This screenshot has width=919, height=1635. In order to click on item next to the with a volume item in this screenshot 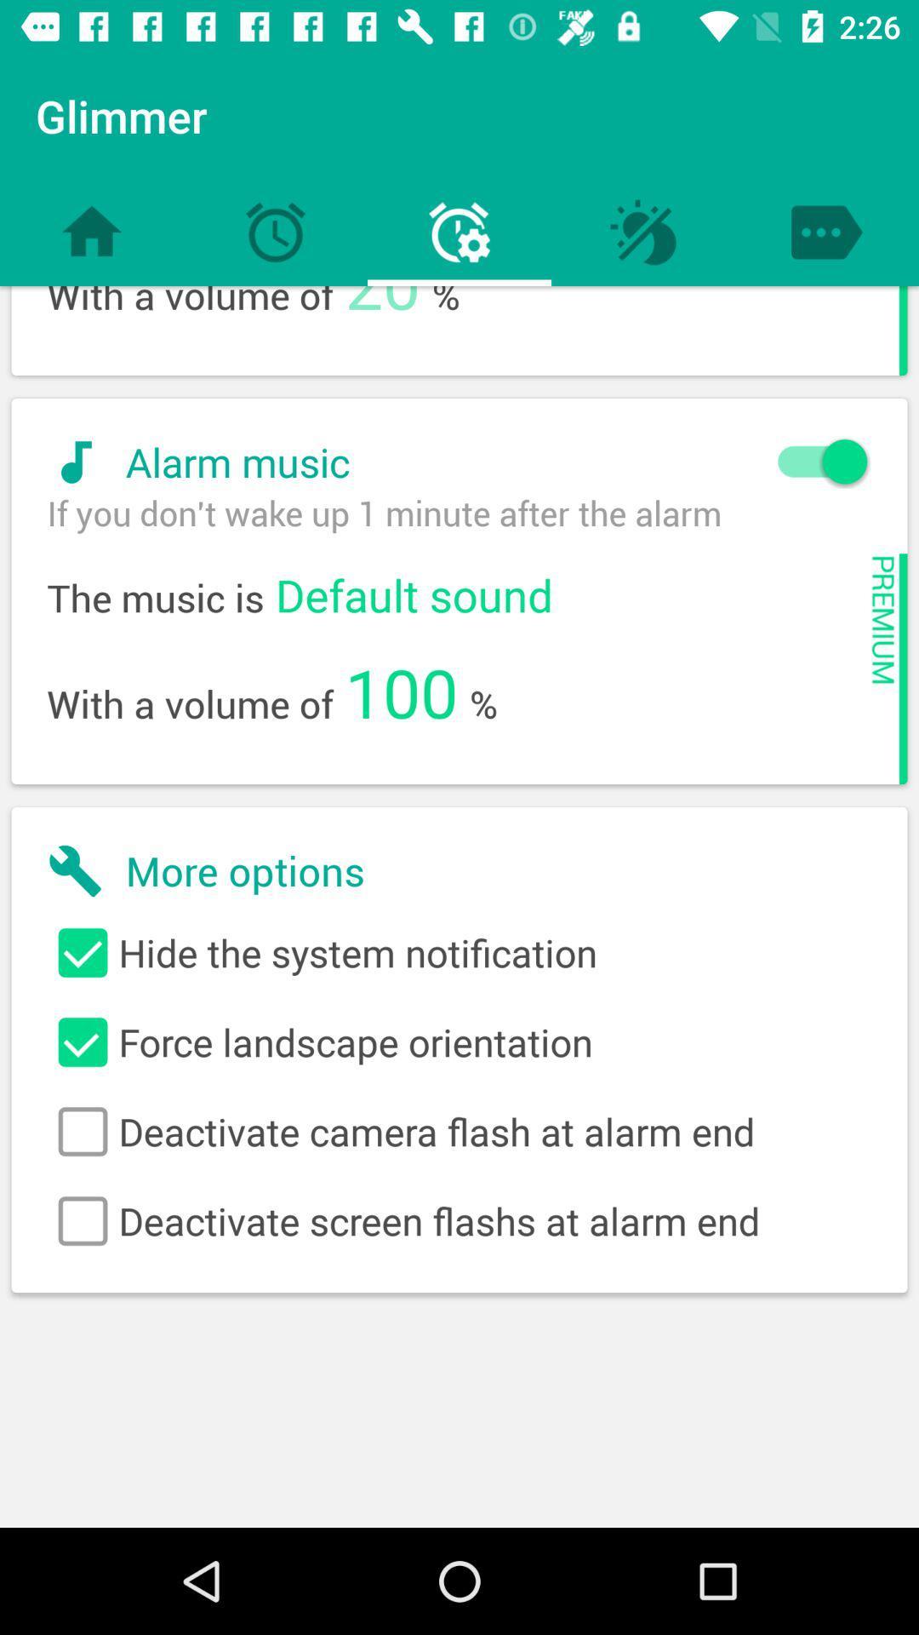, I will do `click(383, 313)`.